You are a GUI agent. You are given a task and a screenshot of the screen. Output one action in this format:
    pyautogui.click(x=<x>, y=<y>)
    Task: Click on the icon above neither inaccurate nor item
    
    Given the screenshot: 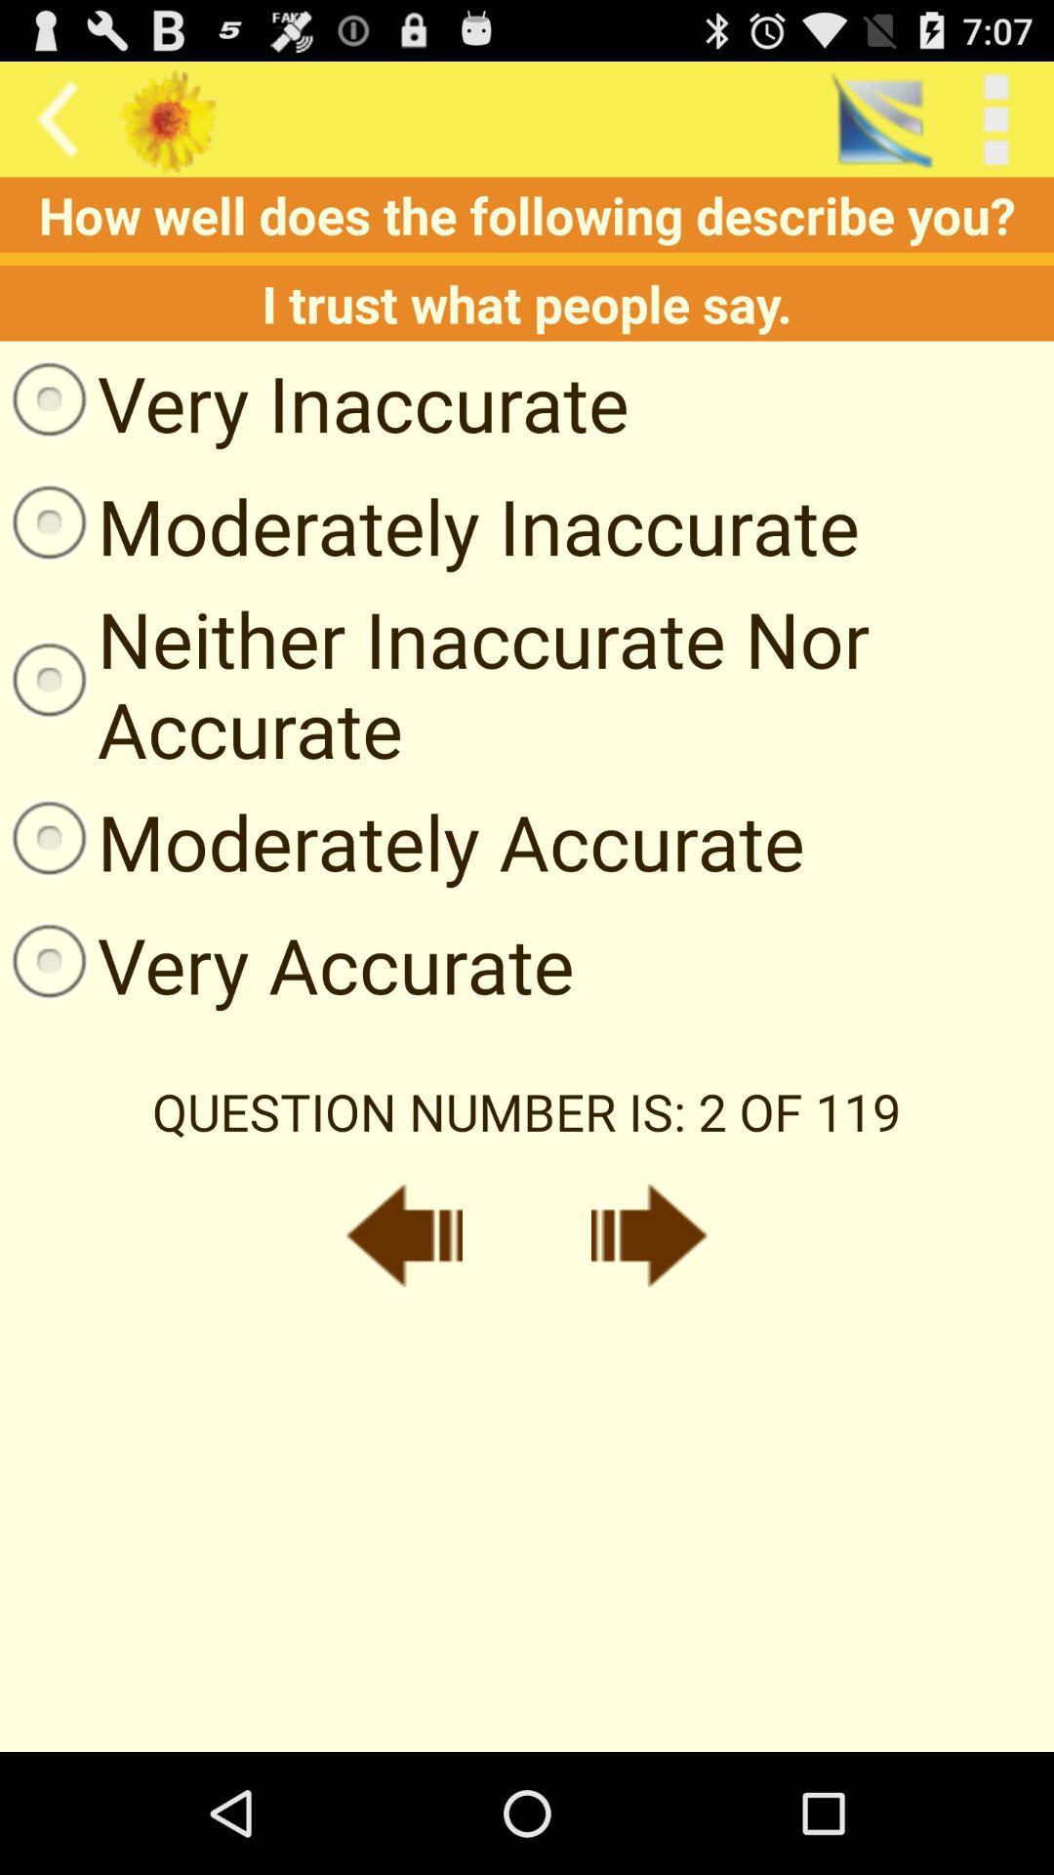 What is the action you would take?
    pyautogui.click(x=428, y=525)
    